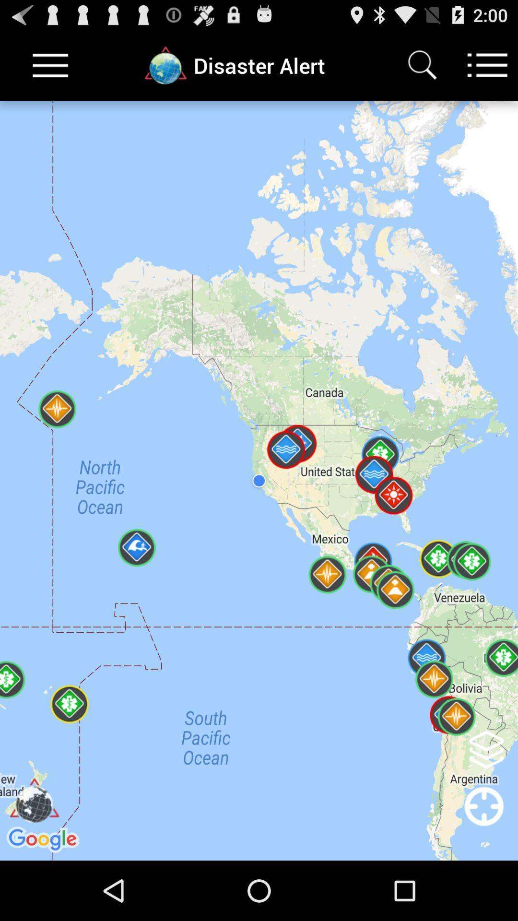 This screenshot has height=921, width=518. Describe the element at coordinates (422, 65) in the screenshot. I see `search button` at that location.